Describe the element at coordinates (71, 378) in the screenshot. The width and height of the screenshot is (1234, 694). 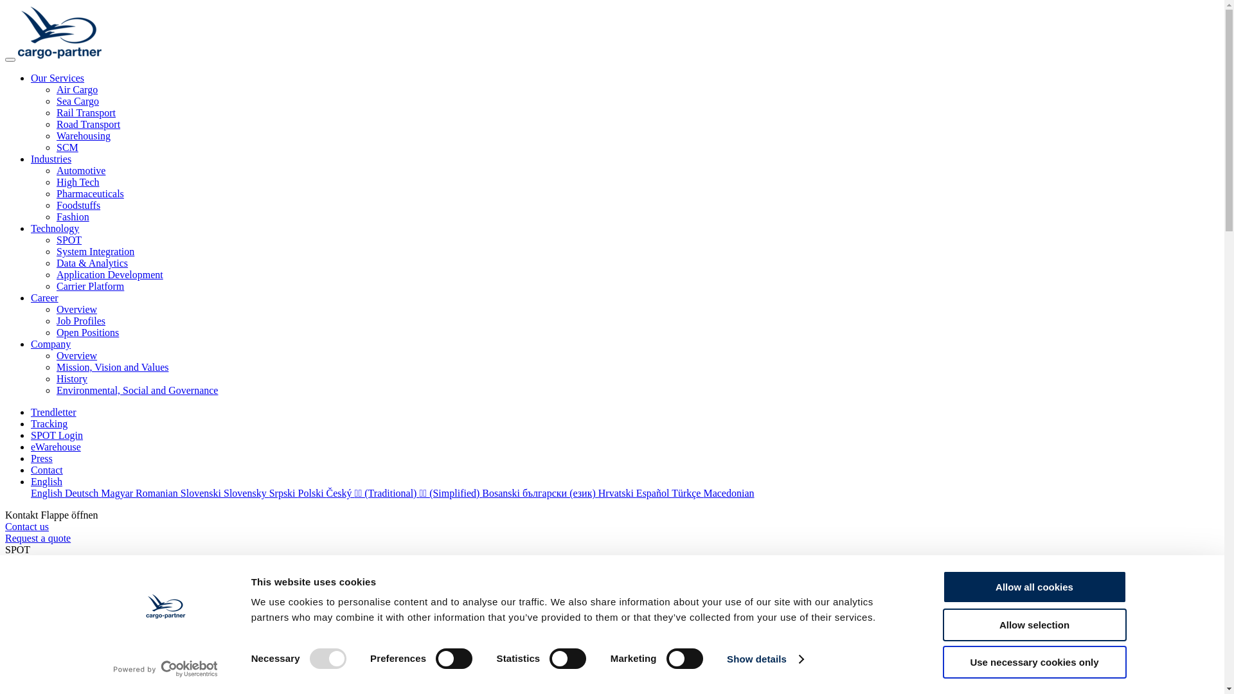
I see `'History'` at that location.